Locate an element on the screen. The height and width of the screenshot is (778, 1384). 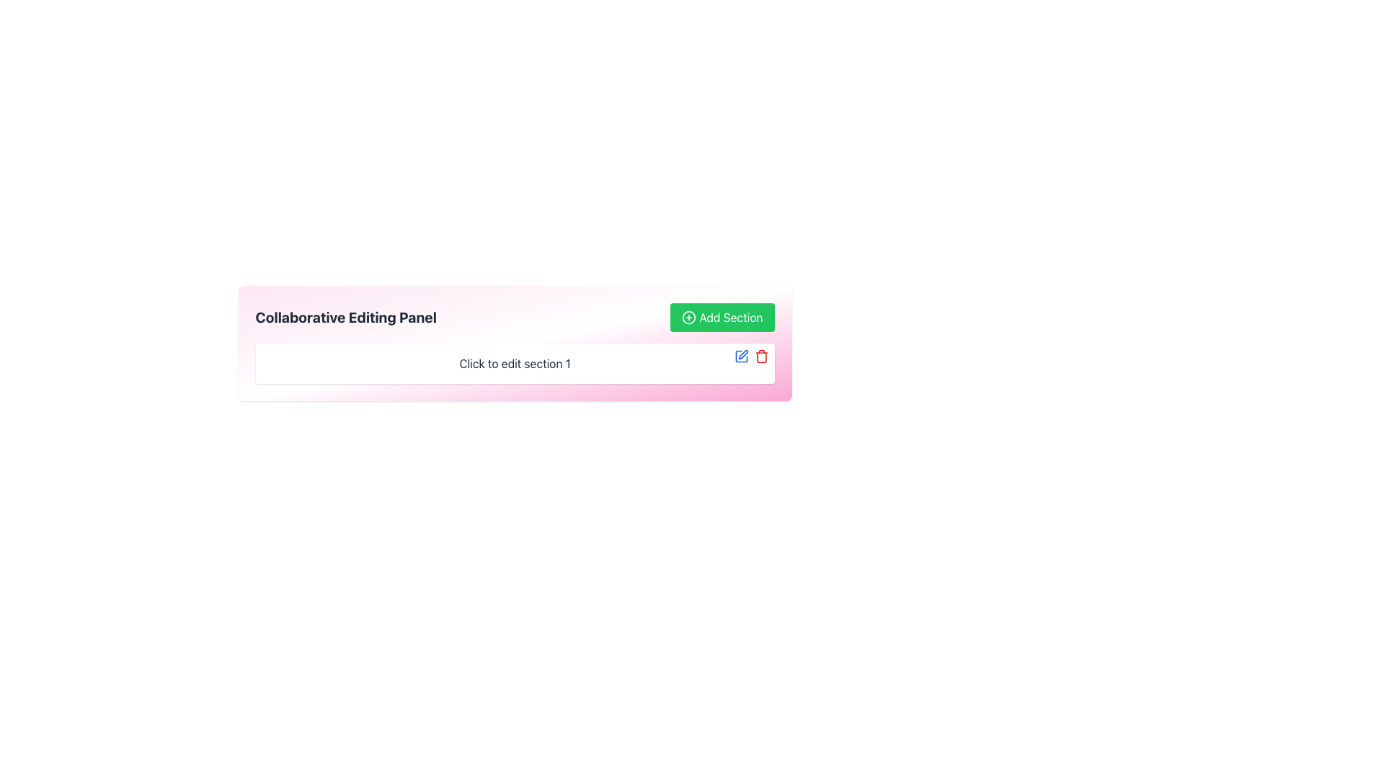
the button that adds a new section to the Collaborative Editing Panel, located on the right-hand side of the header area, next to the title element is located at coordinates (722, 316).